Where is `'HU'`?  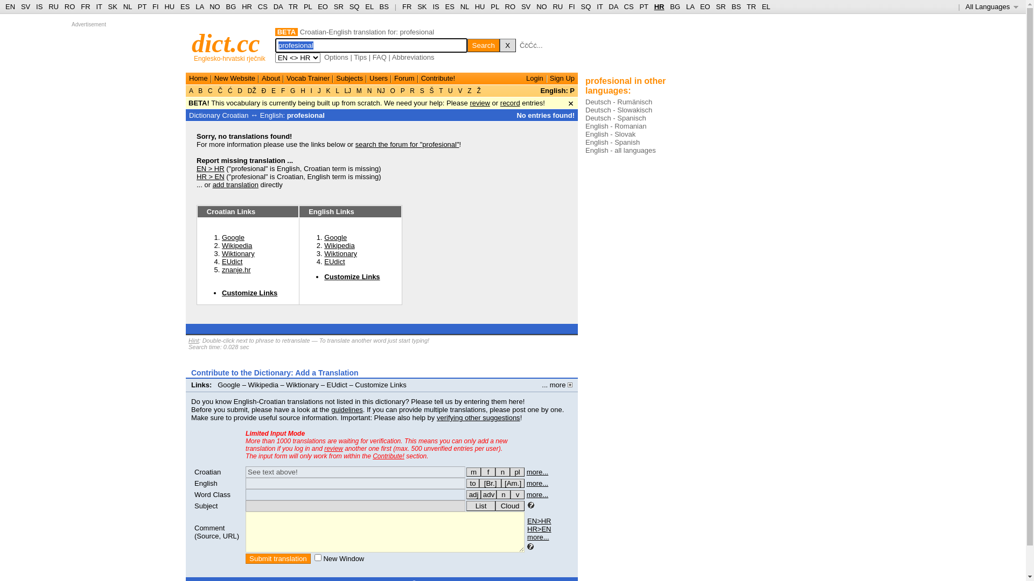
'HU' is located at coordinates (479, 6).